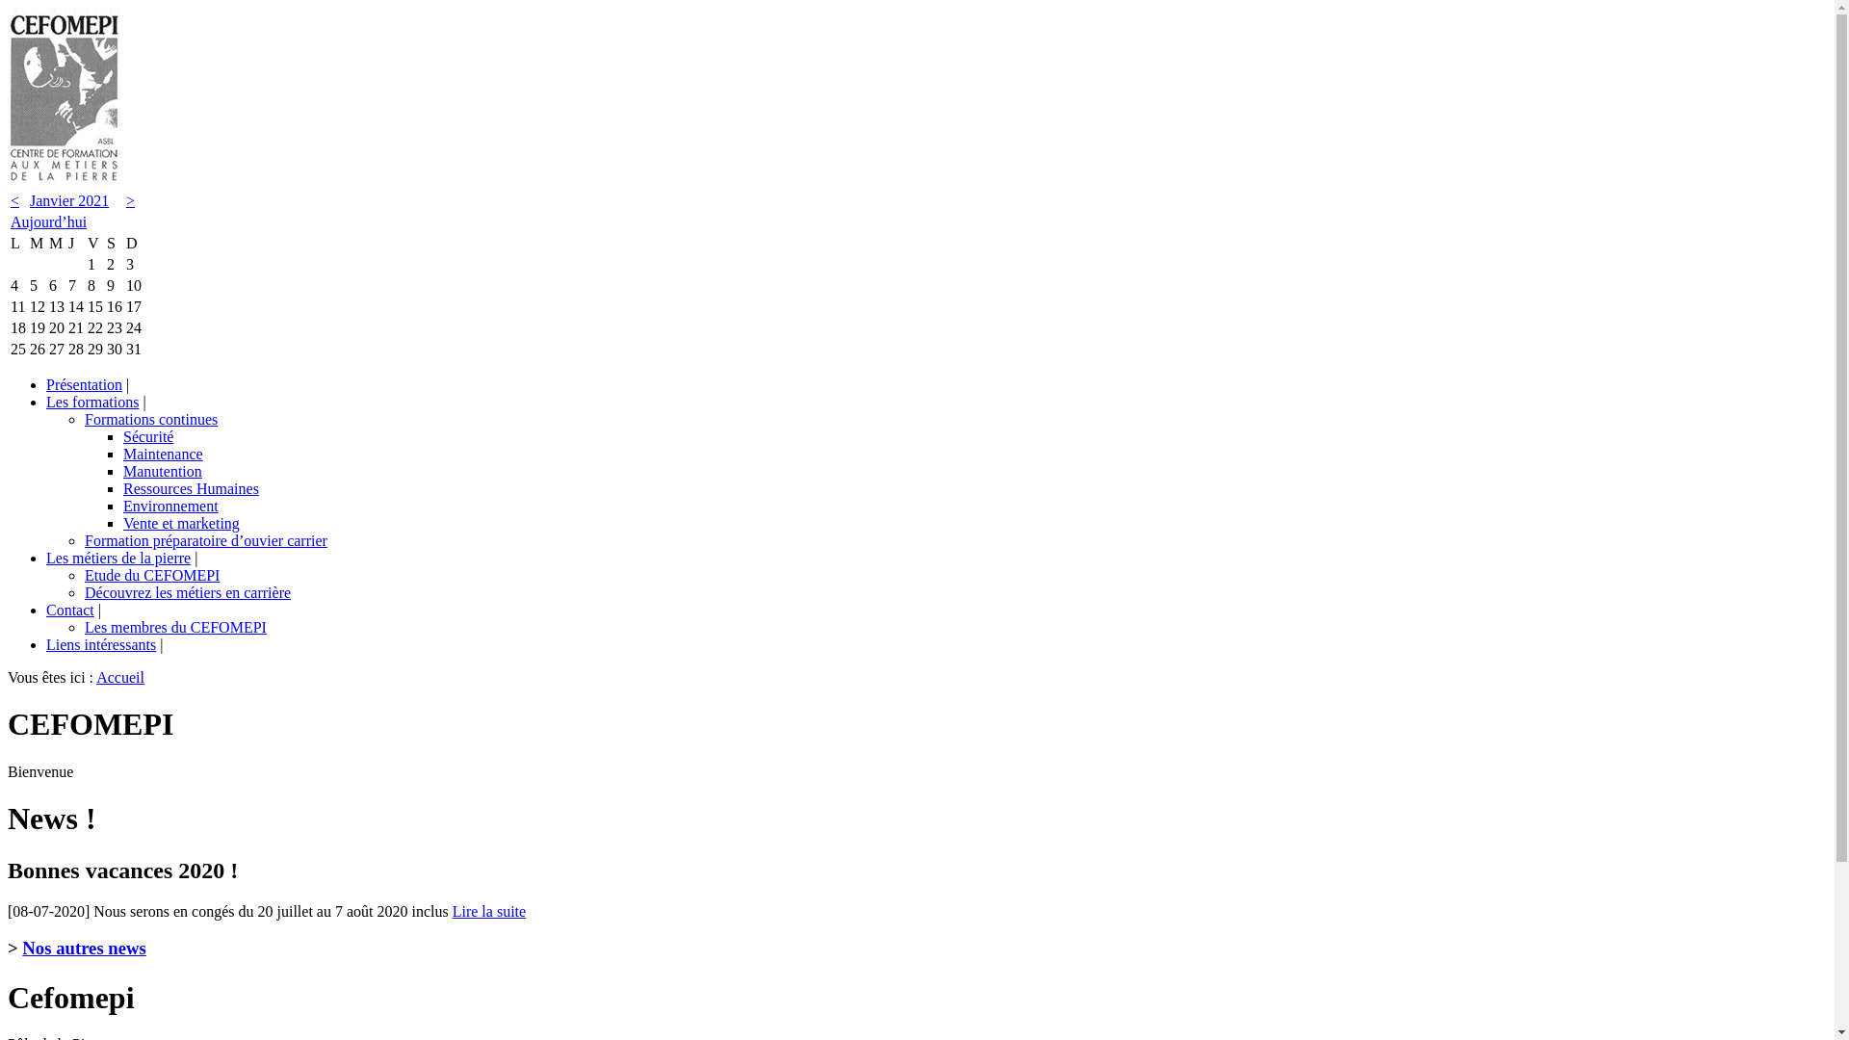  What do you see at coordinates (122, 454) in the screenshot?
I see `'Maintenance'` at bounding box center [122, 454].